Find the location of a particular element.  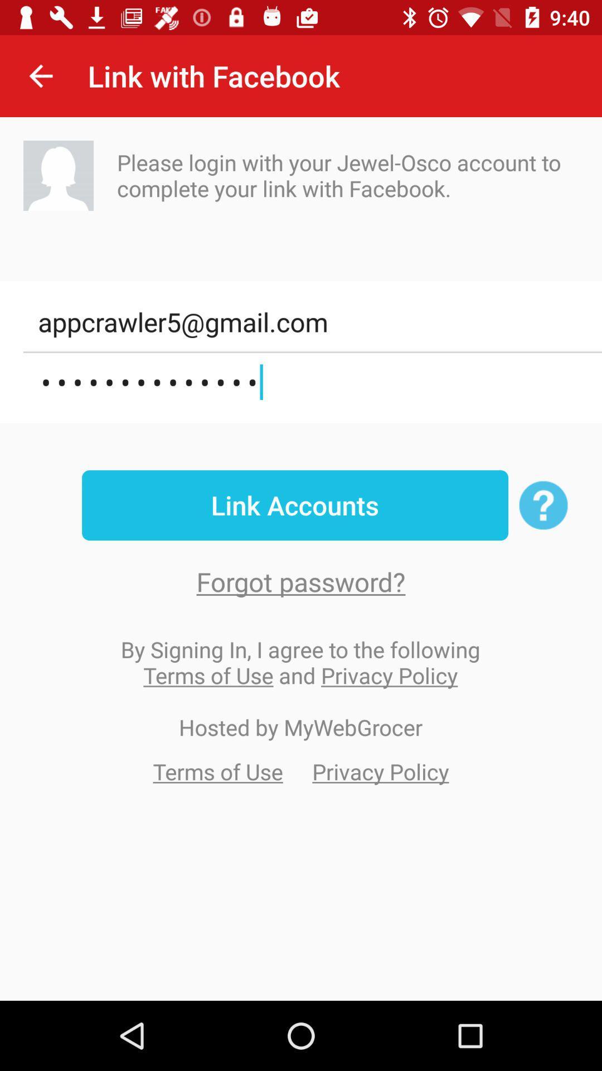

icon above link accounts is located at coordinates (312, 382).